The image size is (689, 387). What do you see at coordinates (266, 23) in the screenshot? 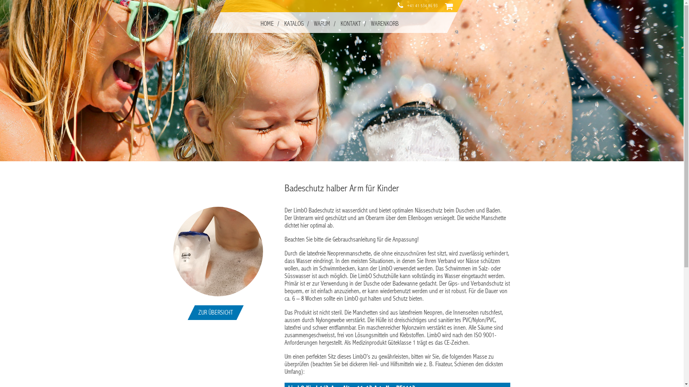
I see `'HOME'` at bounding box center [266, 23].